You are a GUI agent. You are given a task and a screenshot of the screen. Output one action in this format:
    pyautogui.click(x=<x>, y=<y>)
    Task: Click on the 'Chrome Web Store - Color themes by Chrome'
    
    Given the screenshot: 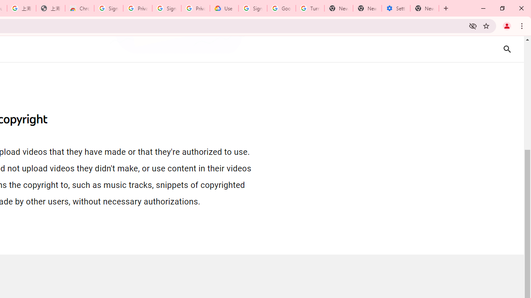 What is the action you would take?
    pyautogui.click(x=80, y=8)
    